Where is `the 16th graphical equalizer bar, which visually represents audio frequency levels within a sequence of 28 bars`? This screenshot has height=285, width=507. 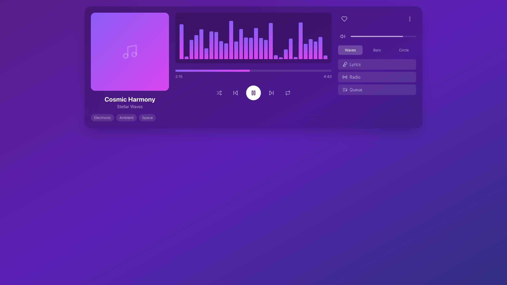
the 16th graphical equalizer bar, which visually represents audio frequency levels within a sequence of 28 bars is located at coordinates (256, 43).